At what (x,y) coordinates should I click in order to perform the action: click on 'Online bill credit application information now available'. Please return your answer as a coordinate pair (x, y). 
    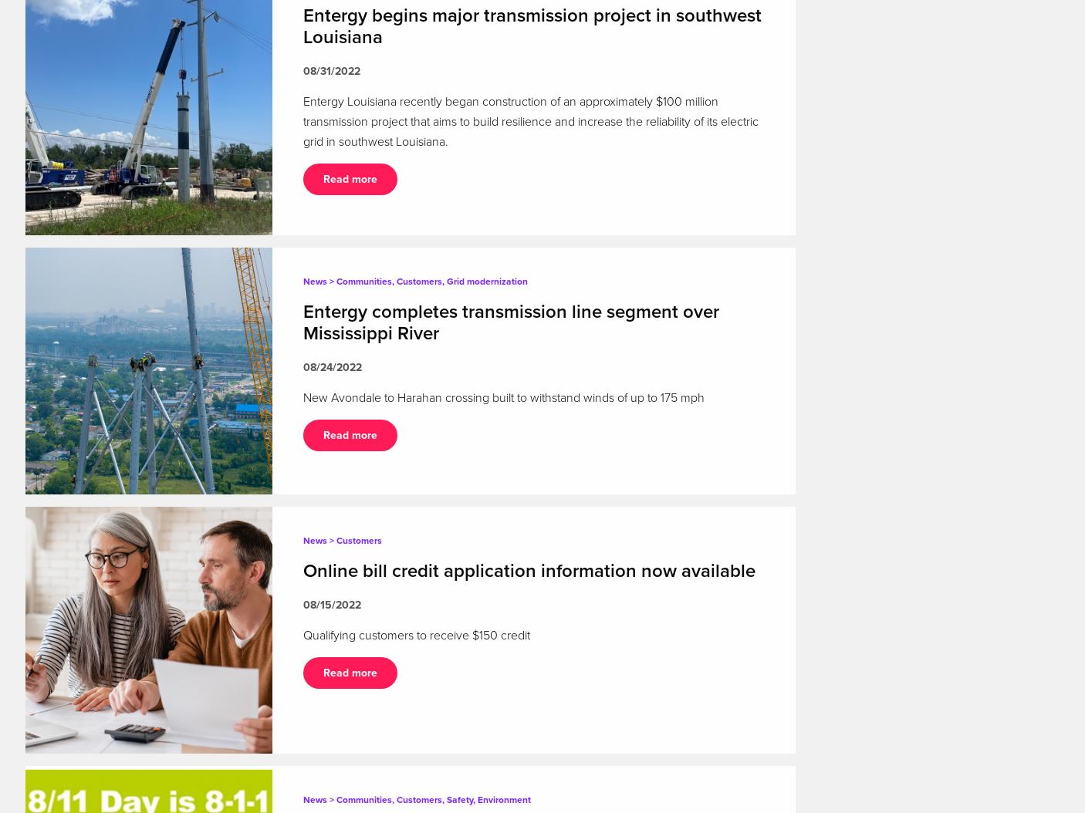
    Looking at the image, I should click on (303, 569).